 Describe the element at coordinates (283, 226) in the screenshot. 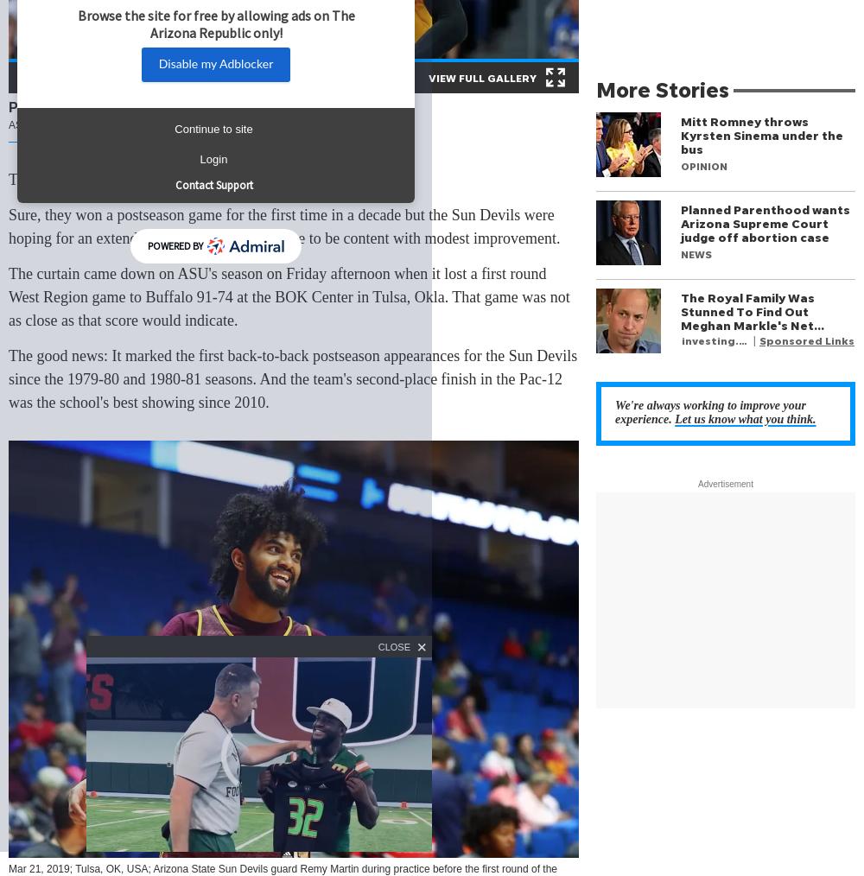

I see `'Sure, they won a postseason game for the first time in a decade but the Sun Devils were hoping for an extended run. Instead they'll have to be content with modest improvement.'` at that location.